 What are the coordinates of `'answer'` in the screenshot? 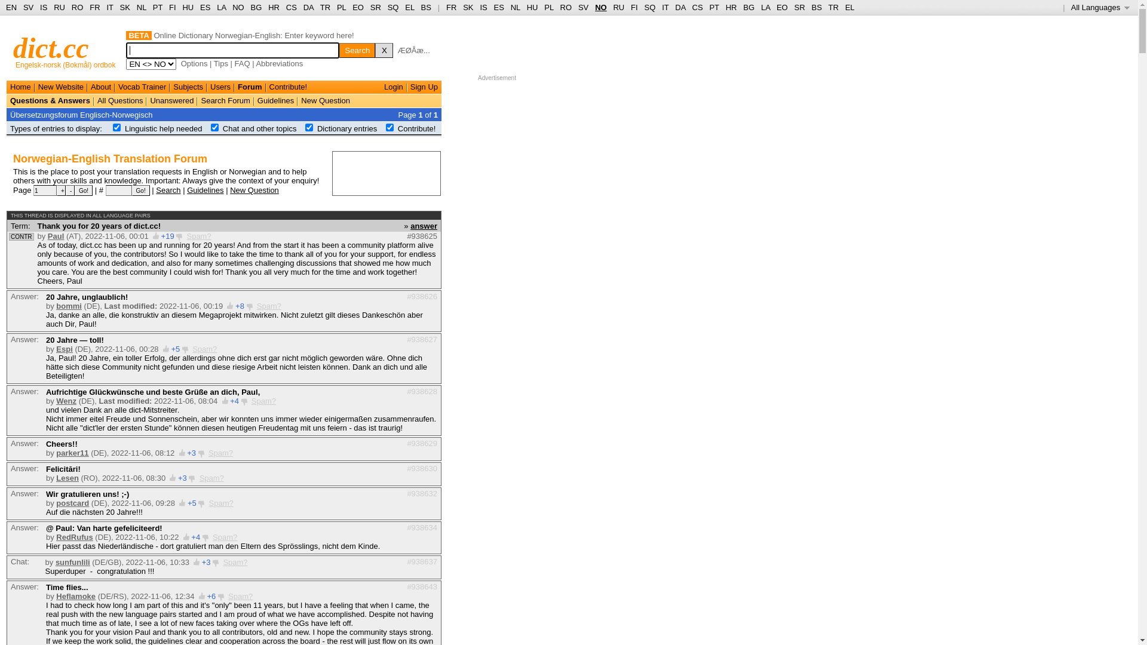 It's located at (410, 225).